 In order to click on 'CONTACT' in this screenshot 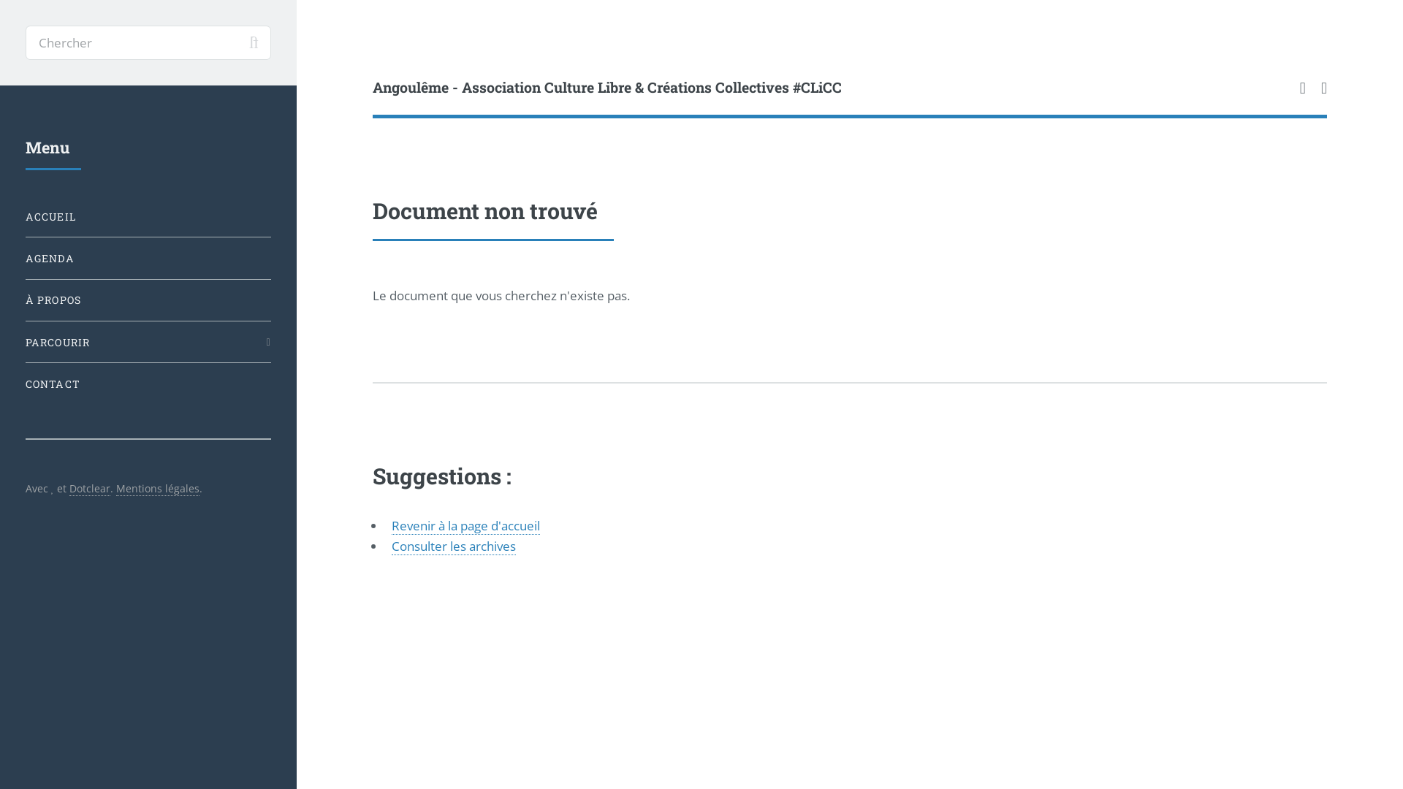, I will do `click(148, 383)`.